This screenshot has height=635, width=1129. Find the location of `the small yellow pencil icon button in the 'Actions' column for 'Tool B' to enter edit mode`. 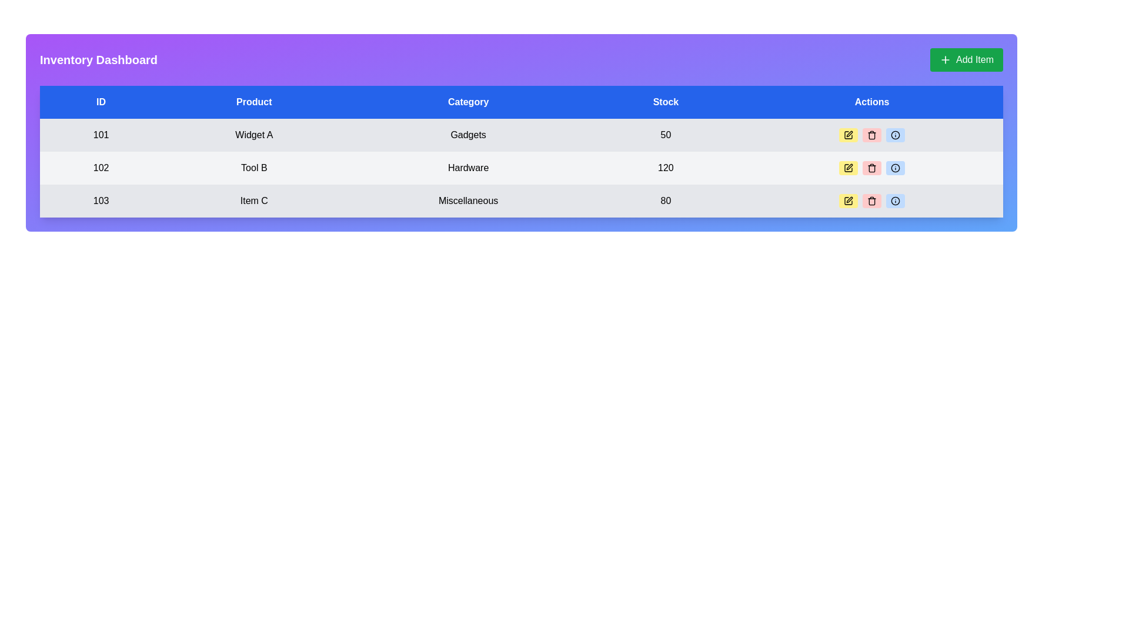

the small yellow pencil icon button in the 'Actions' column for 'Tool B' to enter edit mode is located at coordinates (849, 168).